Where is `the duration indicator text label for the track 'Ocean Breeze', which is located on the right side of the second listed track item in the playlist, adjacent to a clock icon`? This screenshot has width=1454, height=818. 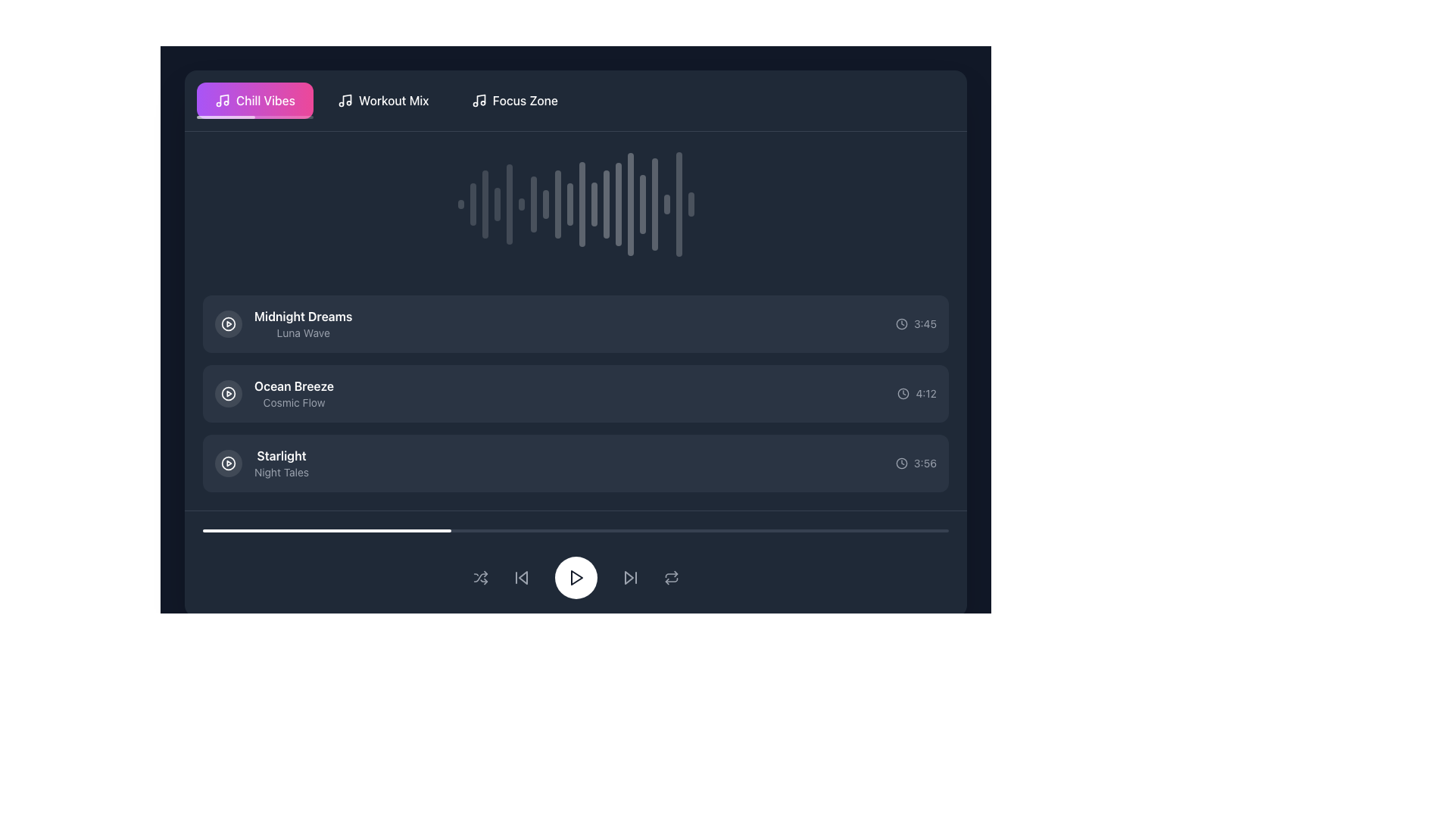 the duration indicator text label for the track 'Ocean Breeze', which is located on the right side of the second listed track item in the playlist, adjacent to a clock icon is located at coordinates (925, 393).